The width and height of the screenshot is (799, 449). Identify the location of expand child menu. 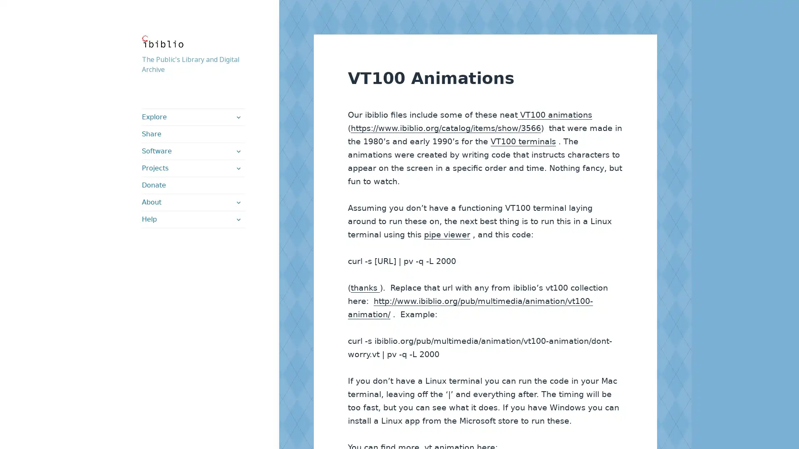
(237, 202).